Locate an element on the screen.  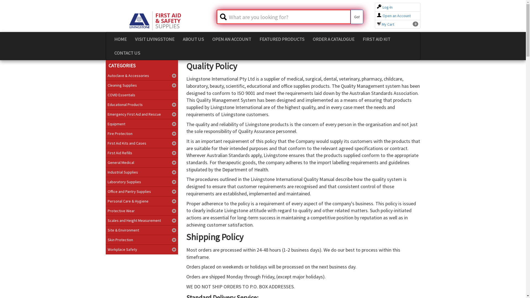
'HOME' is located at coordinates (120, 39).